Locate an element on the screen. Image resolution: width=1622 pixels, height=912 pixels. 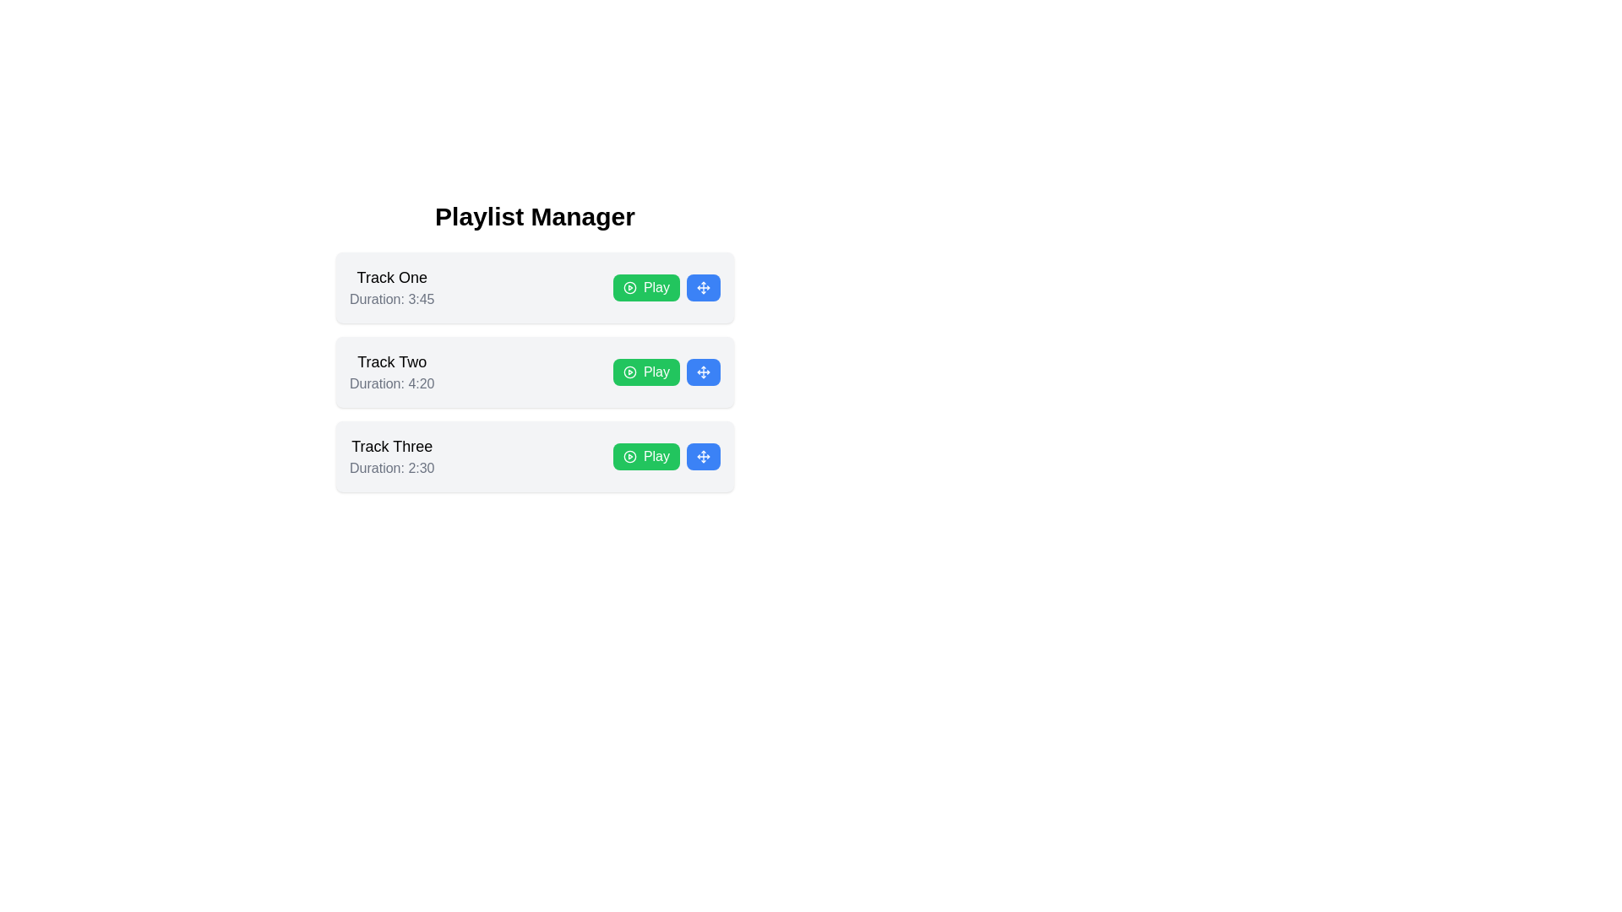
the 'Play' button with a green background and white text to initiate playback of the track is located at coordinates (666, 371).